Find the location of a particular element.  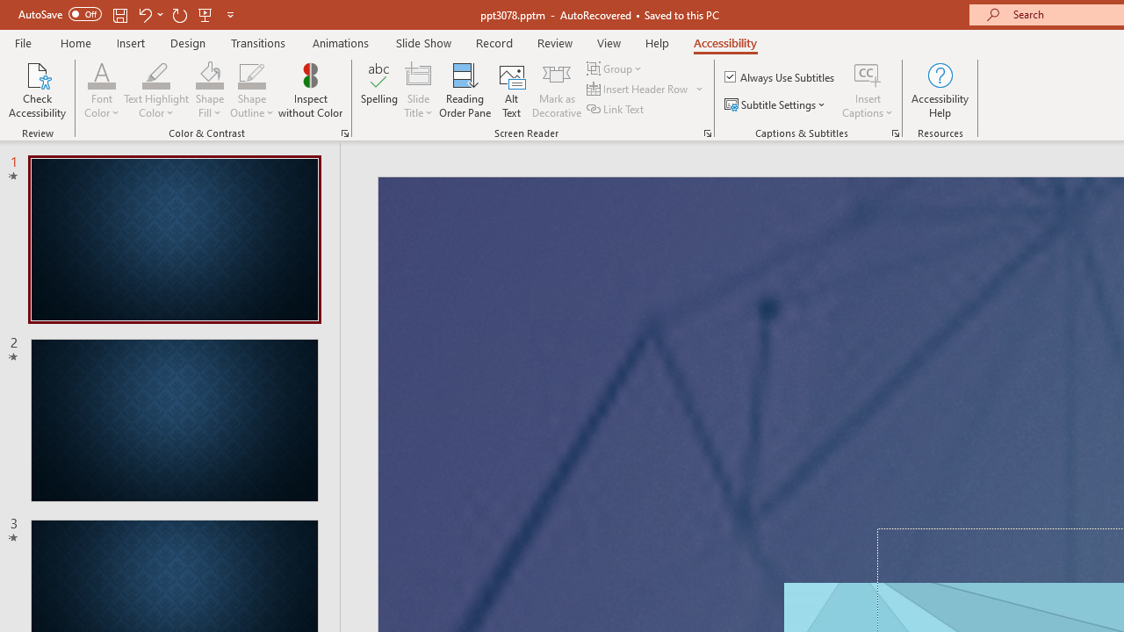

'Insert Captions' is located at coordinates (868, 90).